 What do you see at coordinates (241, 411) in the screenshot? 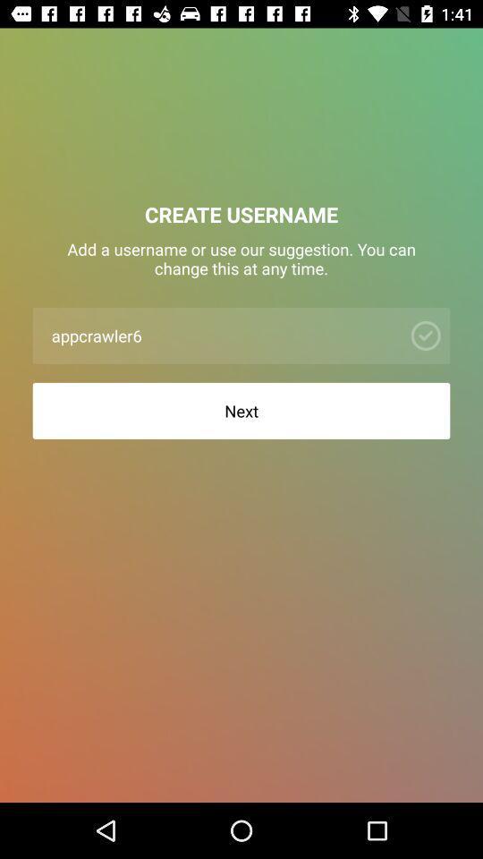
I see `the icon below appcrawler6 icon` at bounding box center [241, 411].